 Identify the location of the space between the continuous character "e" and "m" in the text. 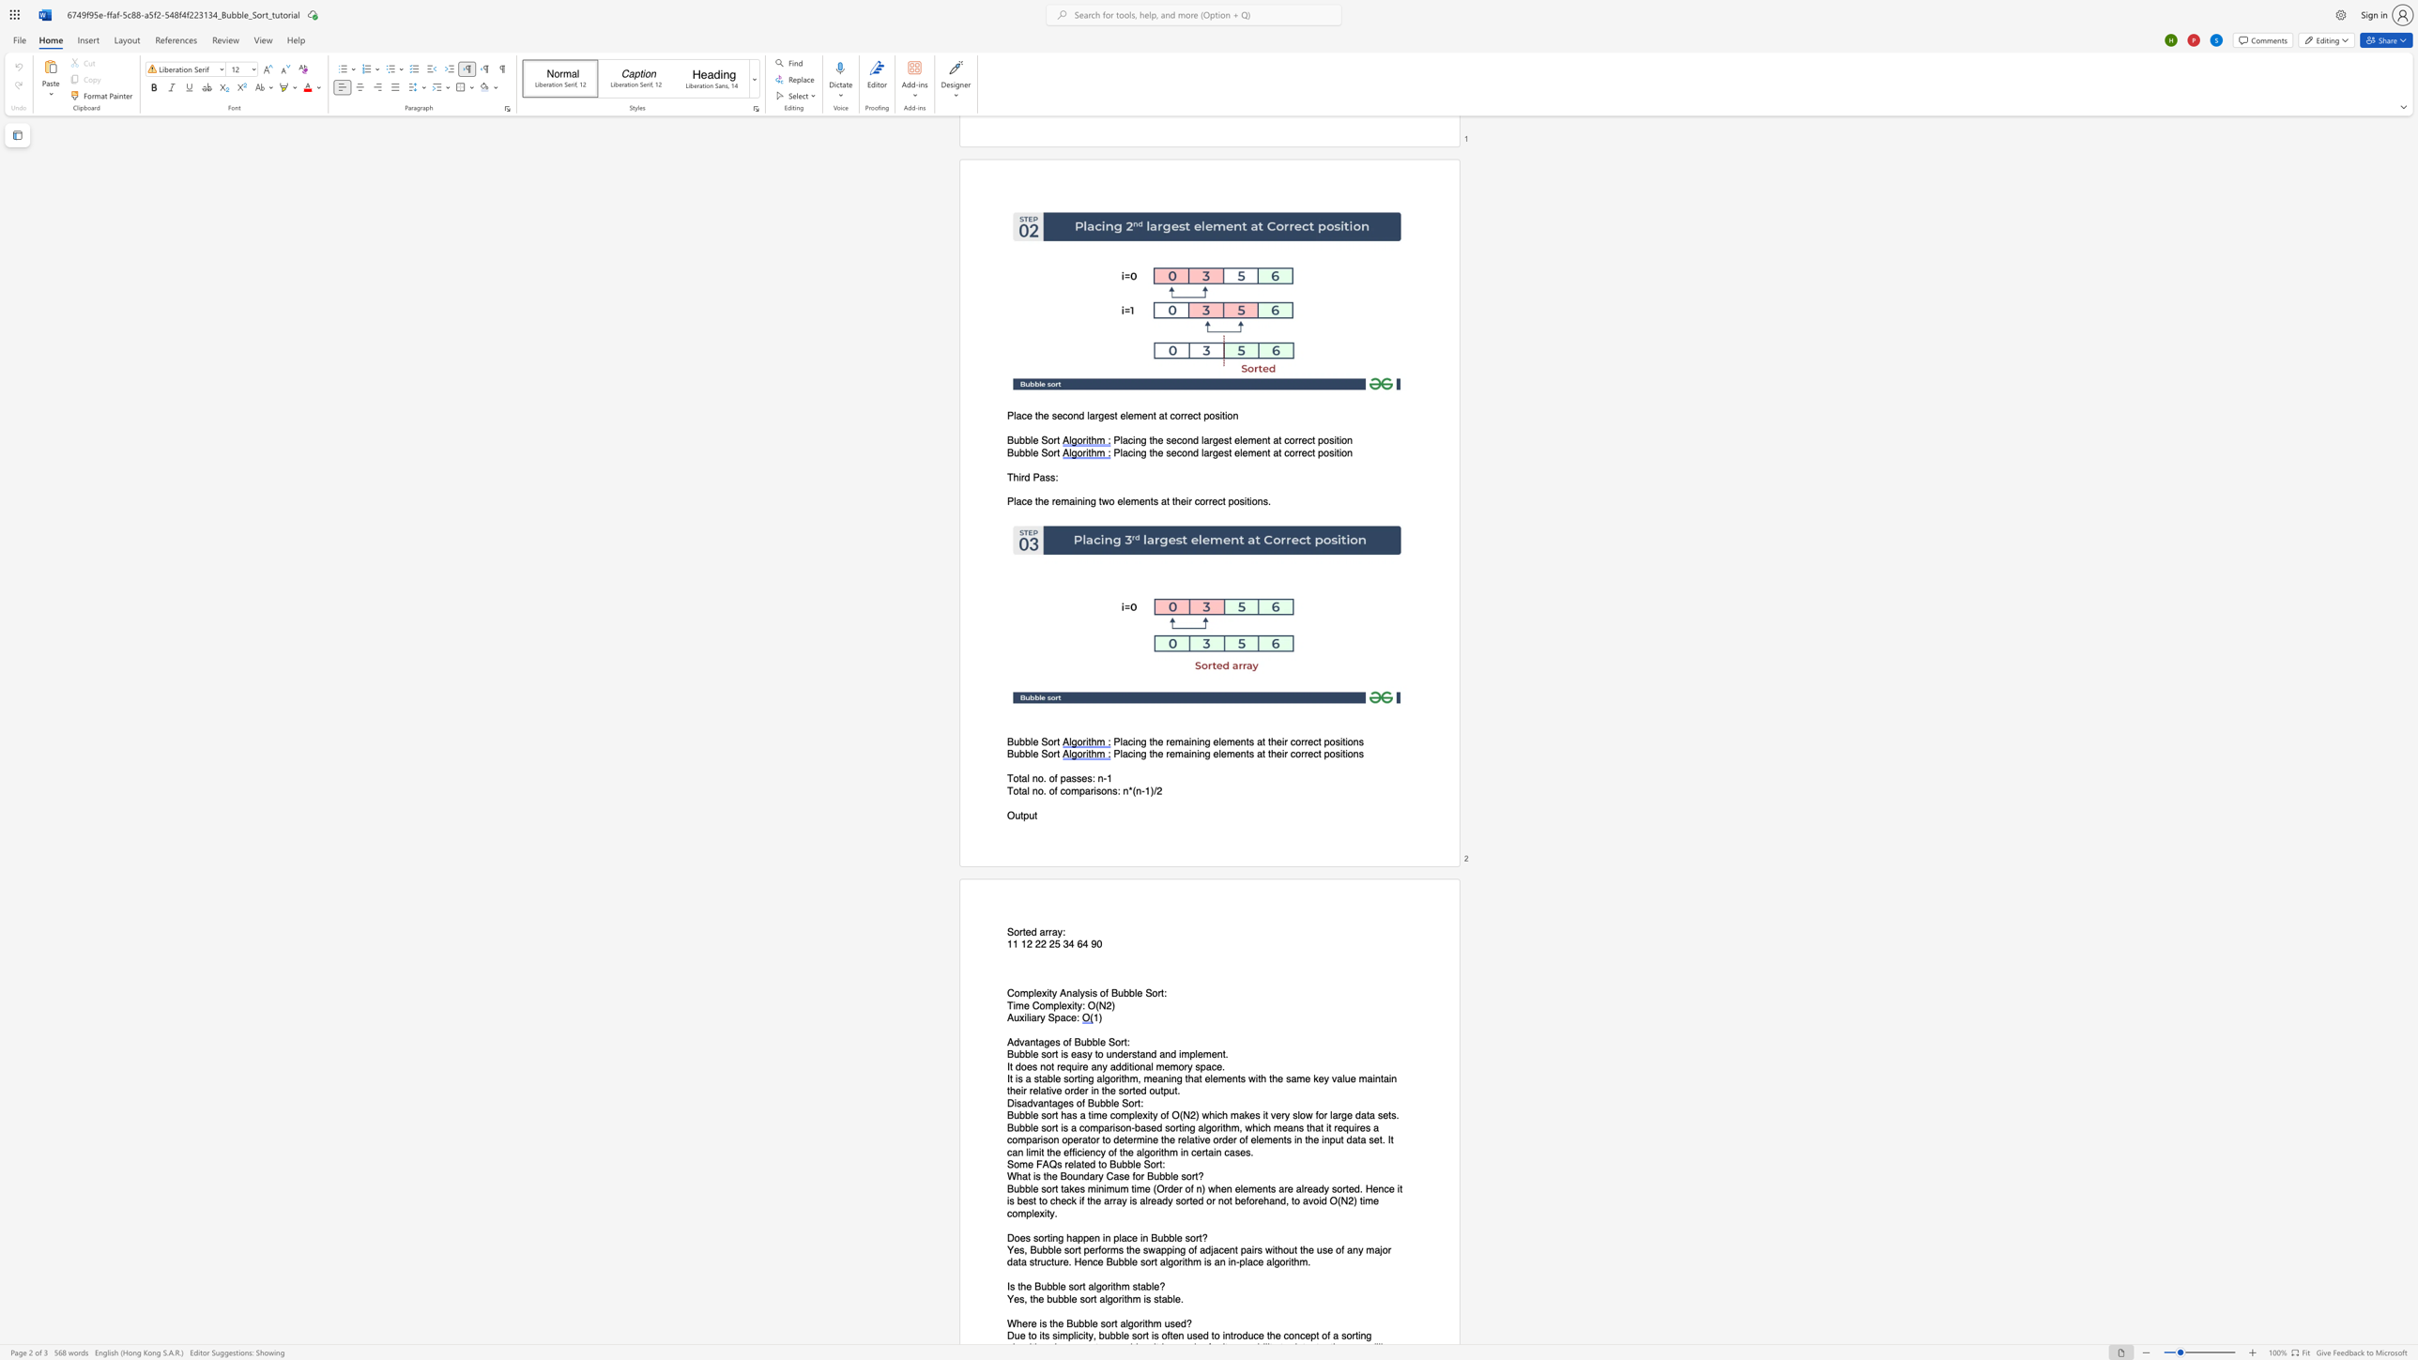
(1170, 1066).